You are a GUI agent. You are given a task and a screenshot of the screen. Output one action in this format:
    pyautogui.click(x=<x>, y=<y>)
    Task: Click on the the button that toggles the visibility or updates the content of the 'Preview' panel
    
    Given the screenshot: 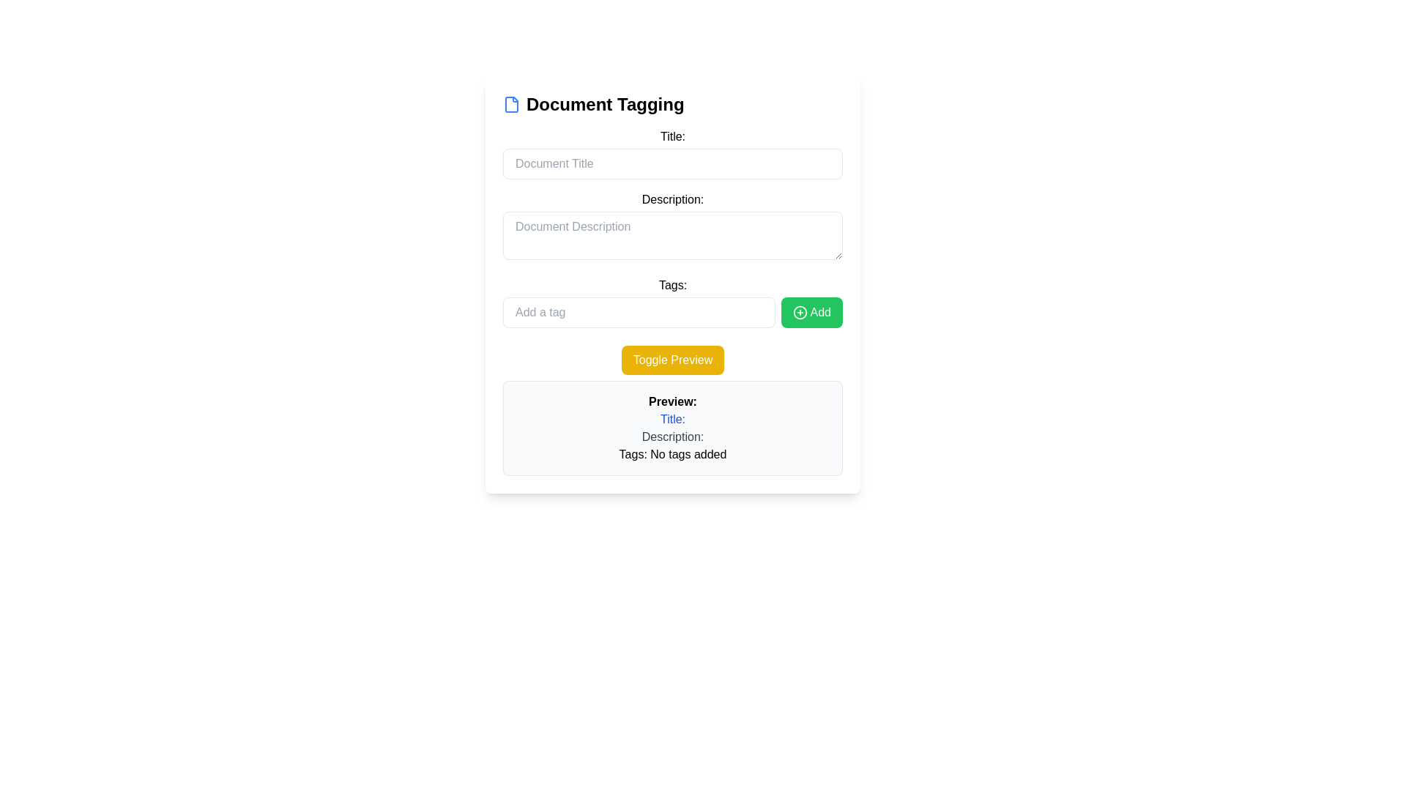 What is the action you would take?
    pyautogui.click(x=672, y=360)
    